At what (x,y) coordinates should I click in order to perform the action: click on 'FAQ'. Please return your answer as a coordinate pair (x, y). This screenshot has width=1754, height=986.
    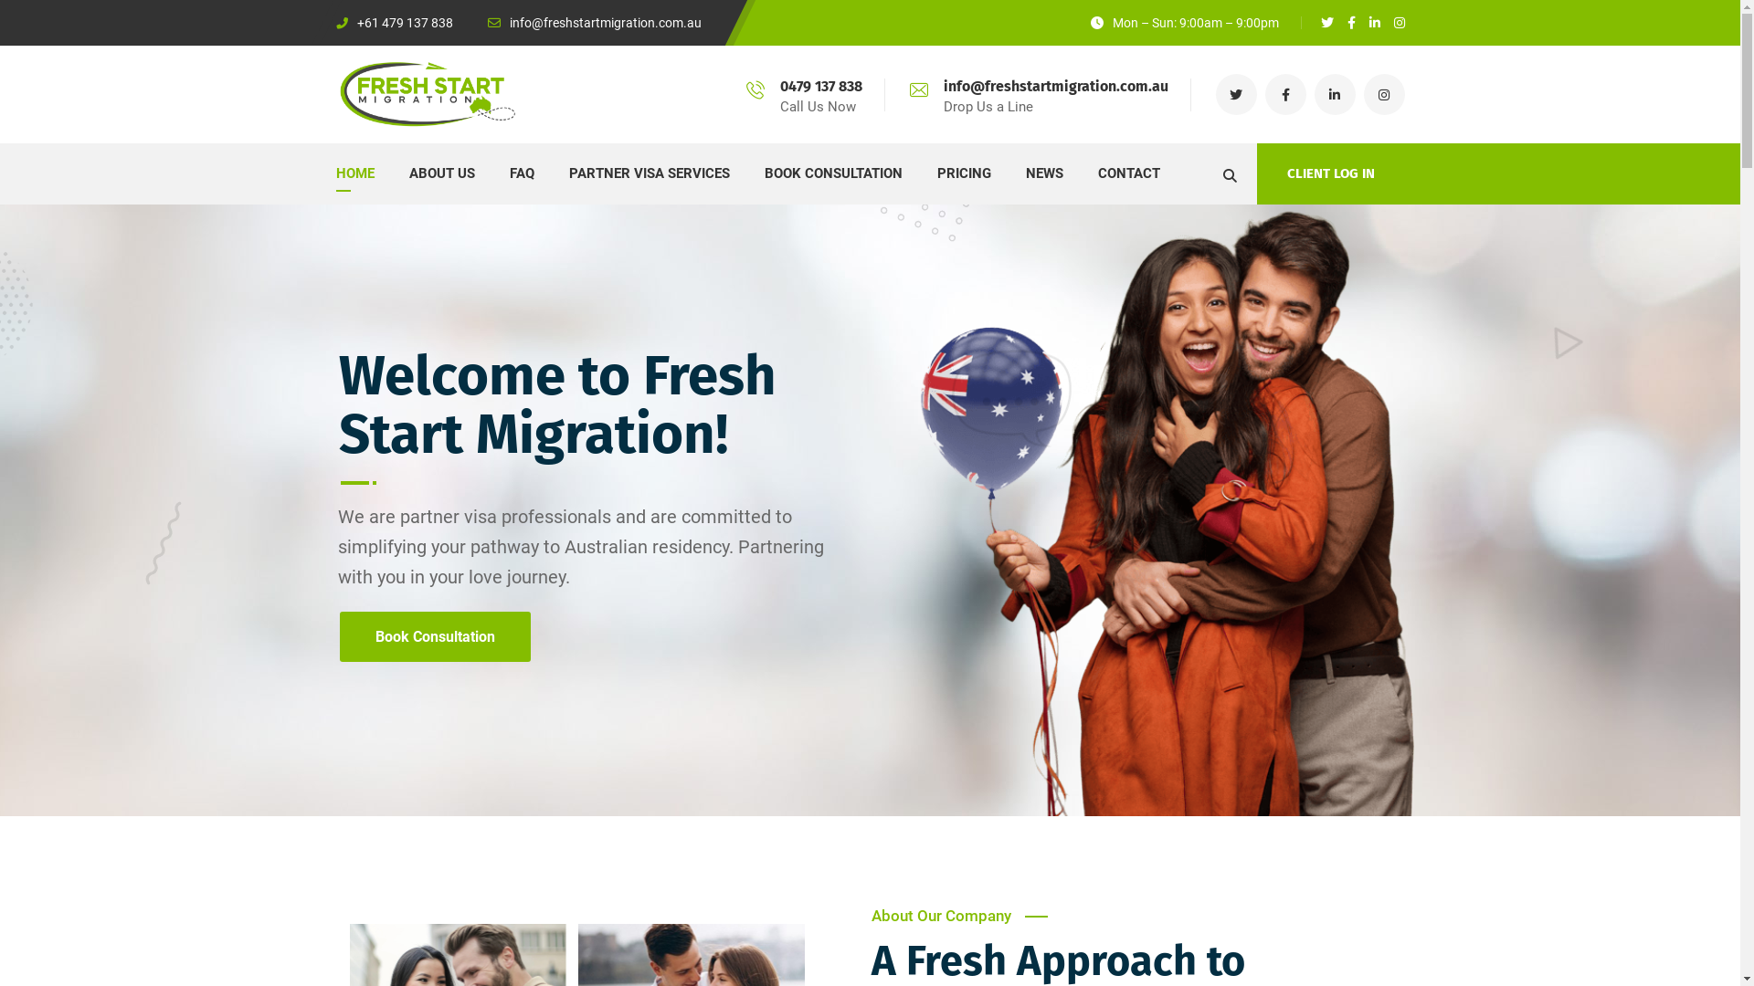
    Looking at the image, I should click on (521, 173).